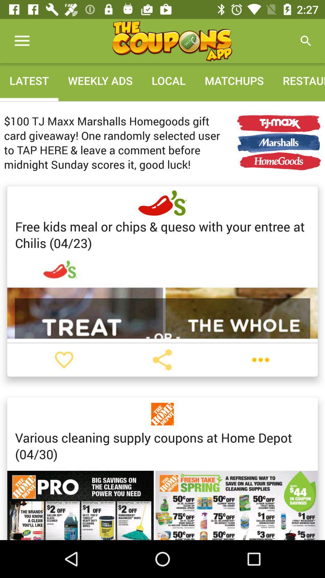  Describe the element at coordinates (260, 360) in the screenshot. I see `menu` at that location.